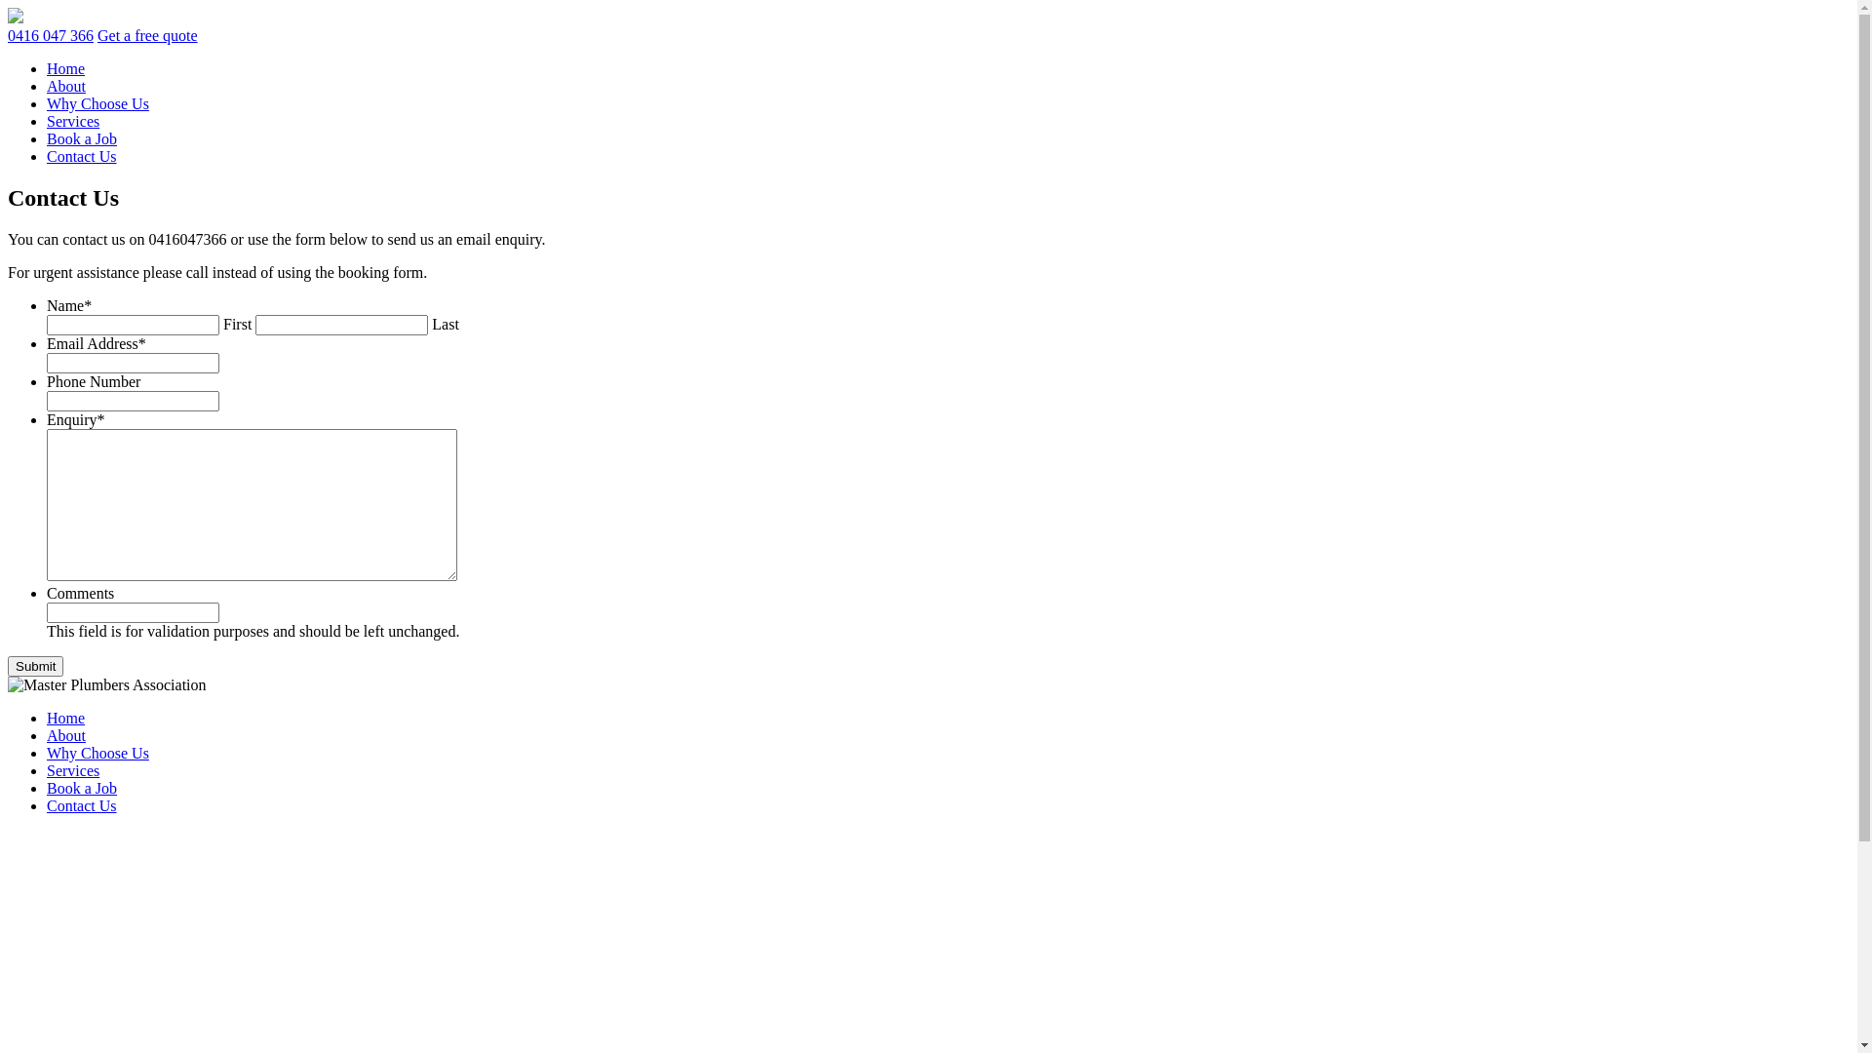 This screenshot has height=1053, width=1872. Describe the element at coordinates (80, 787) in the screenshot. I see `'Book a Job'` at that location.